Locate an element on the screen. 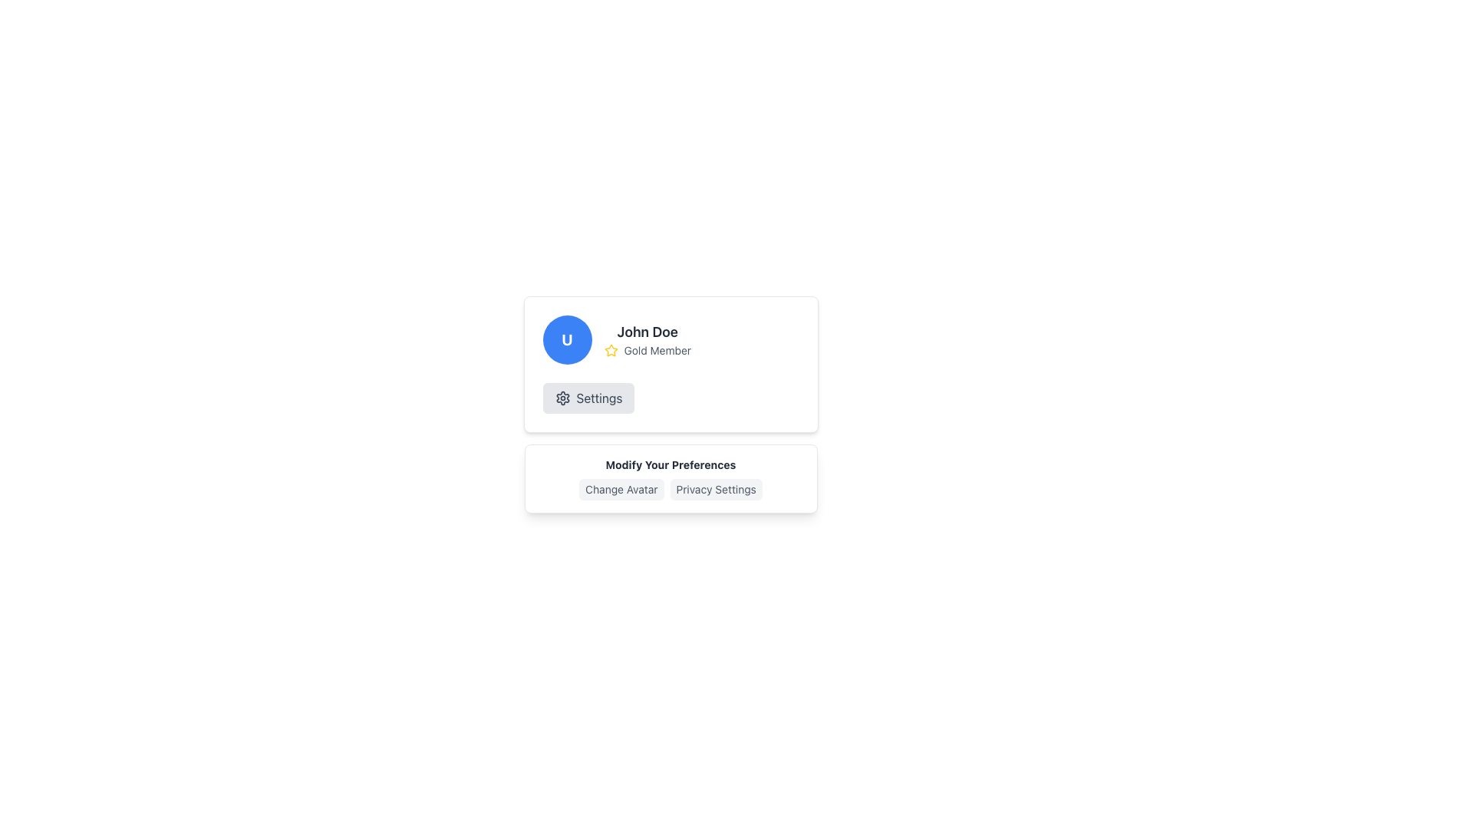  the profile avatar change button located below the 'Modify Your Preferences' header and to the left of the 'Privacy Settings' button is located at coordinates (621, 489).